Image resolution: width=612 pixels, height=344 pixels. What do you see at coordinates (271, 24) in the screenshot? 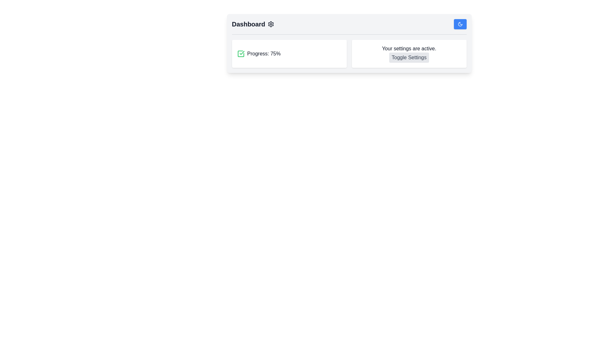
I see `the Settings icon located in the header section of the application, positioned directly to the right of the 'Dashboard' text` at bounding box center [271, 24].